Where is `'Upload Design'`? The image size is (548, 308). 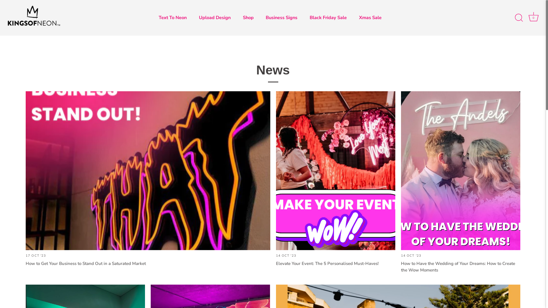
'Upload Design' is located at coordinates (214, 17).